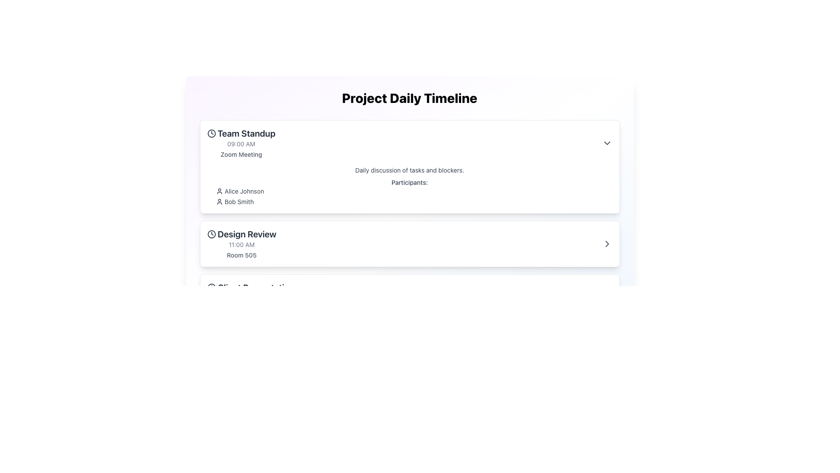 The width and height of the screenshot is (840, 473). I want to click on circular element of the clock icon associated with the 'Team Standup' event, located at the center of the SVG graphic, so click(211, 133).